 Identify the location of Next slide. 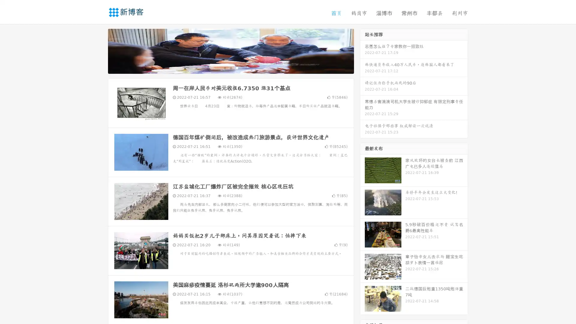
(362, 50).